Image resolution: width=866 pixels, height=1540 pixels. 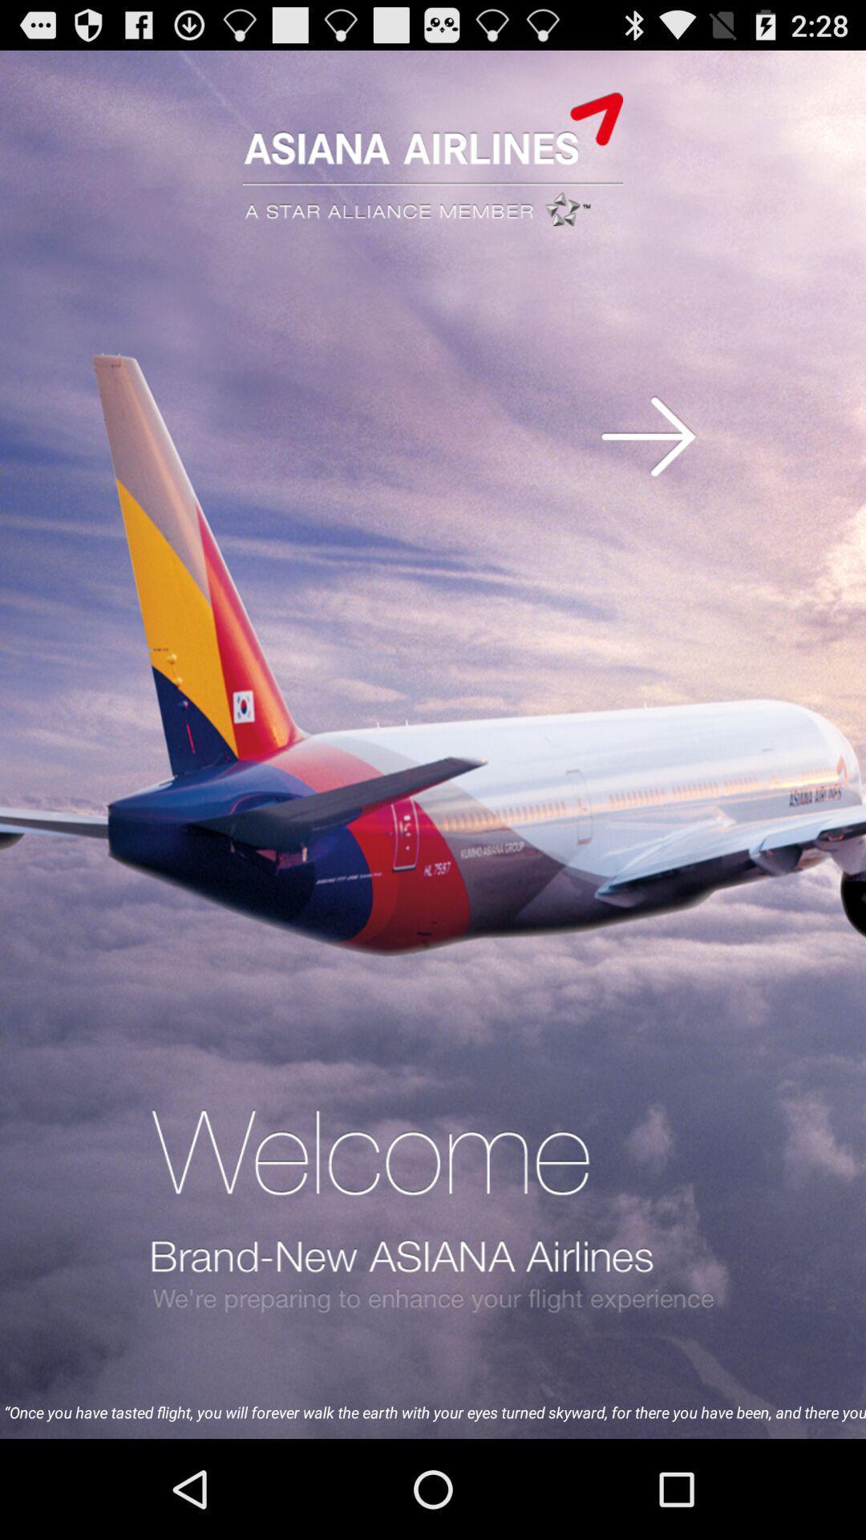 What do you see at coordinates (648, 465) in the screenshot?
I see `the arrow_forward icon` at bounding box center [648, 465].